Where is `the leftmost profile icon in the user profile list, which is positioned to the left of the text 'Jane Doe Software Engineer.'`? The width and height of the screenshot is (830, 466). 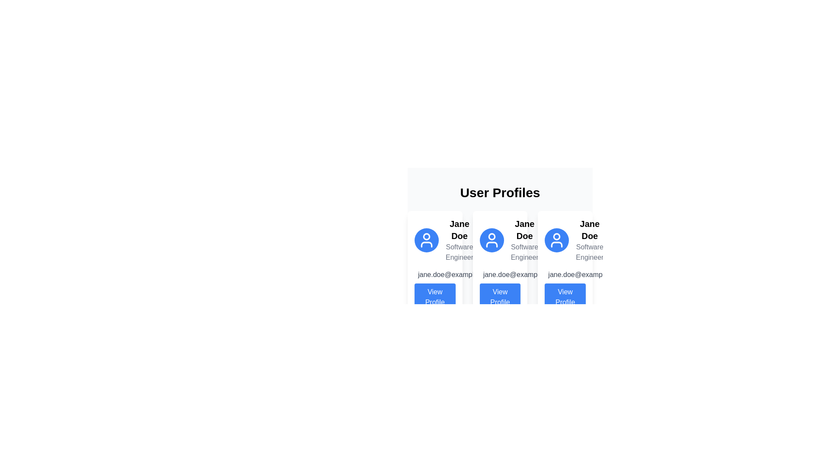
the leftmost profile icon in the user profile list, which is positioned to the left of the text 'Jane Doe Software Engineer.' is located at coordinates (427, 240).